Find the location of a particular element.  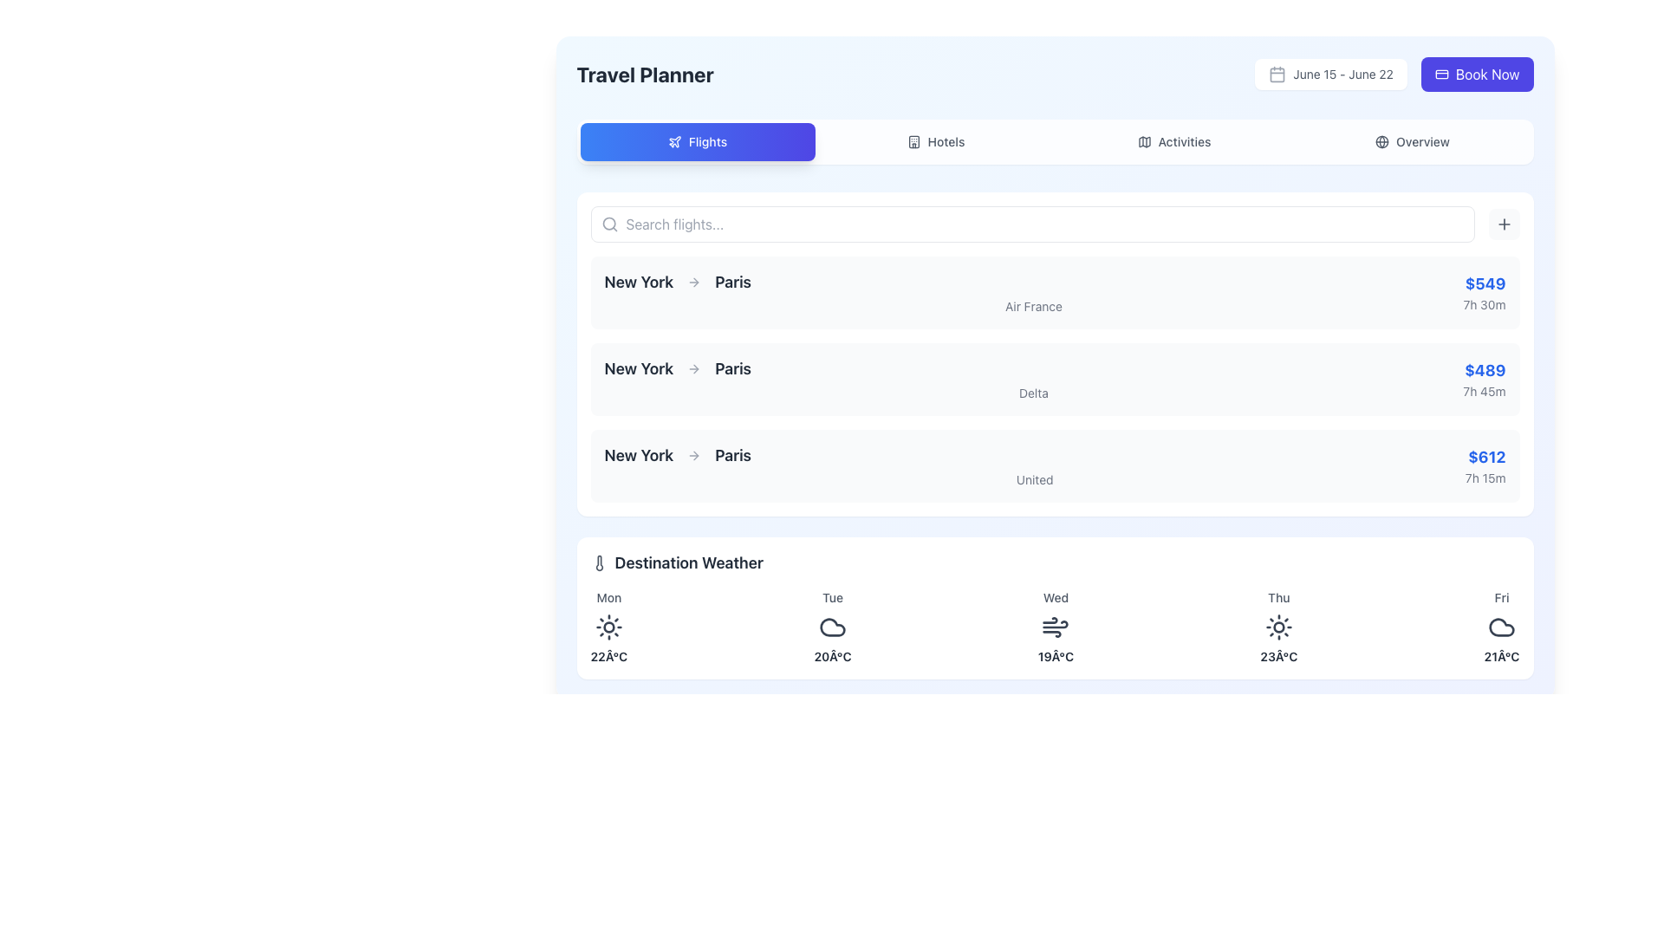

the sunny weather icon for Thursday, which is located in the fourth column of the weather forecast section, centrally positioned under the 'Thu' label and above the temperature value '23°C' is located at coordinates (1278, 627).